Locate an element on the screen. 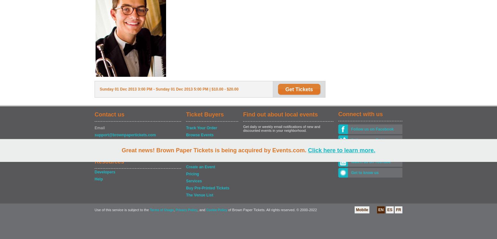 The width and height of the screenshot is (497, 239). 'Terms of Usage' is located at coordinates (161, 210).